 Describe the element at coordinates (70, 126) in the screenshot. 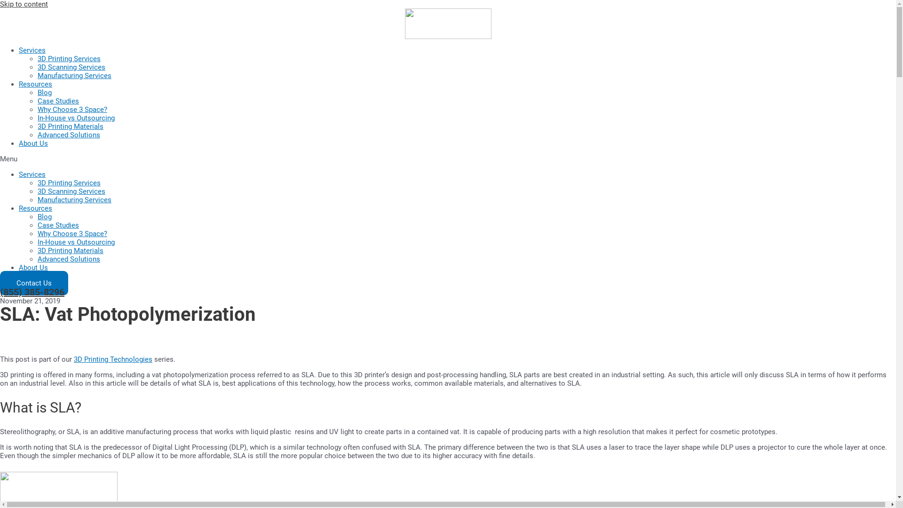

I see `'3D Printing Materials'` at that location.